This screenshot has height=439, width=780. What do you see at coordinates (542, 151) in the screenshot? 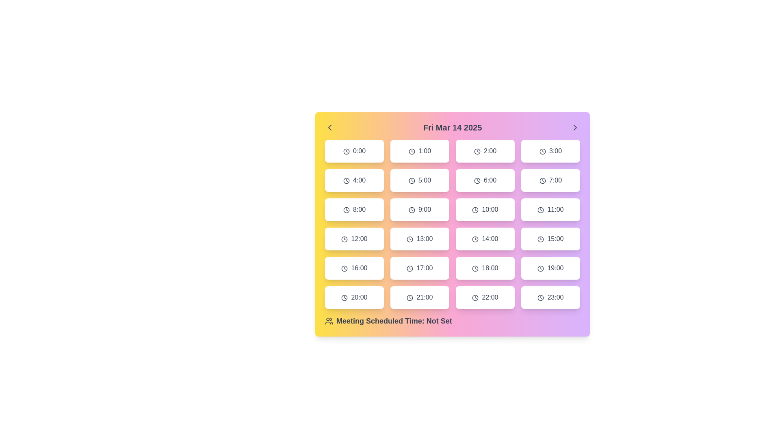
I see `the decorative clock icon located to the left of the '3:00' text in the third row and third column of the grid layout` at bounding box center [542, 151].